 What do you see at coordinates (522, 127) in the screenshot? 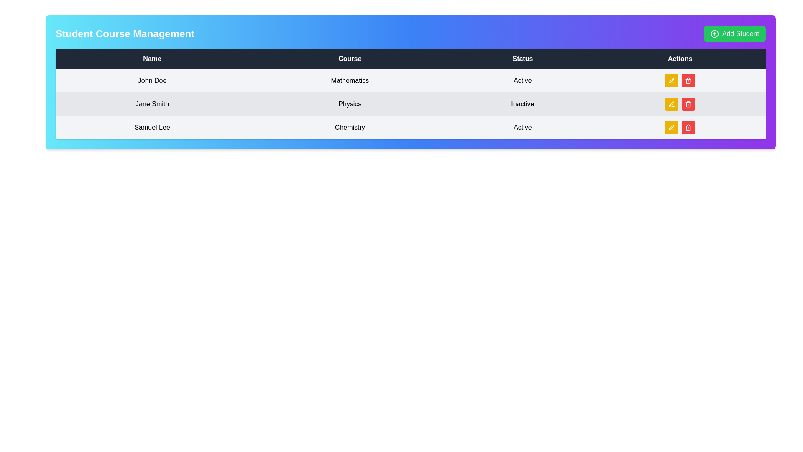
I see `the Text Label indicating the active status of 'Samuel Lee' in the third row of the table under the 'Status' column` at bounding box center [522, 127].